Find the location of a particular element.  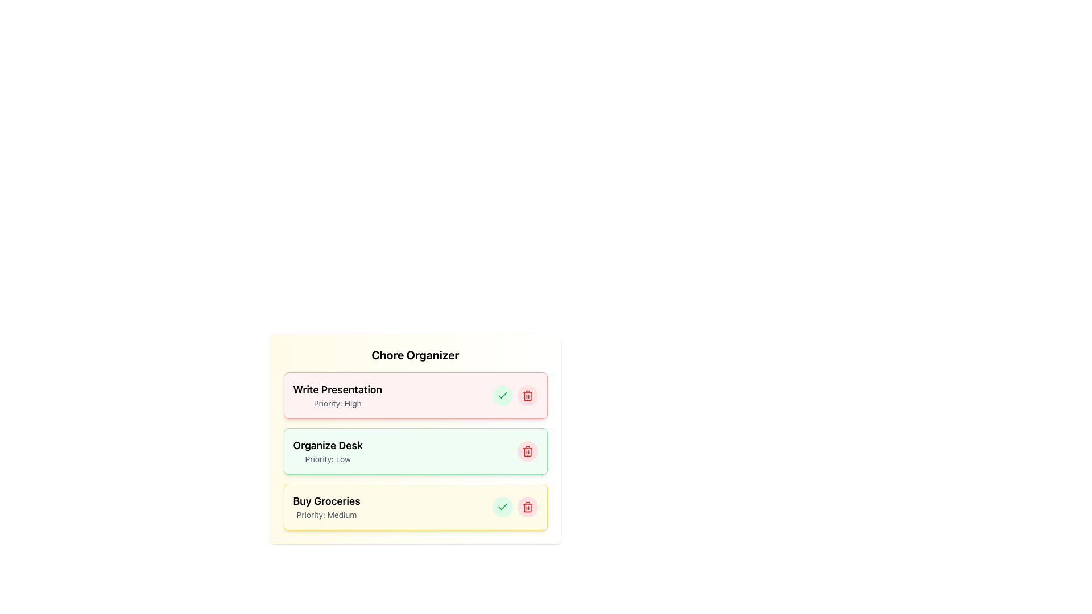

the 'Write Presentation' text label located in the first task card under the 'Chore Organizer' header is located at coordinates (337, 389).